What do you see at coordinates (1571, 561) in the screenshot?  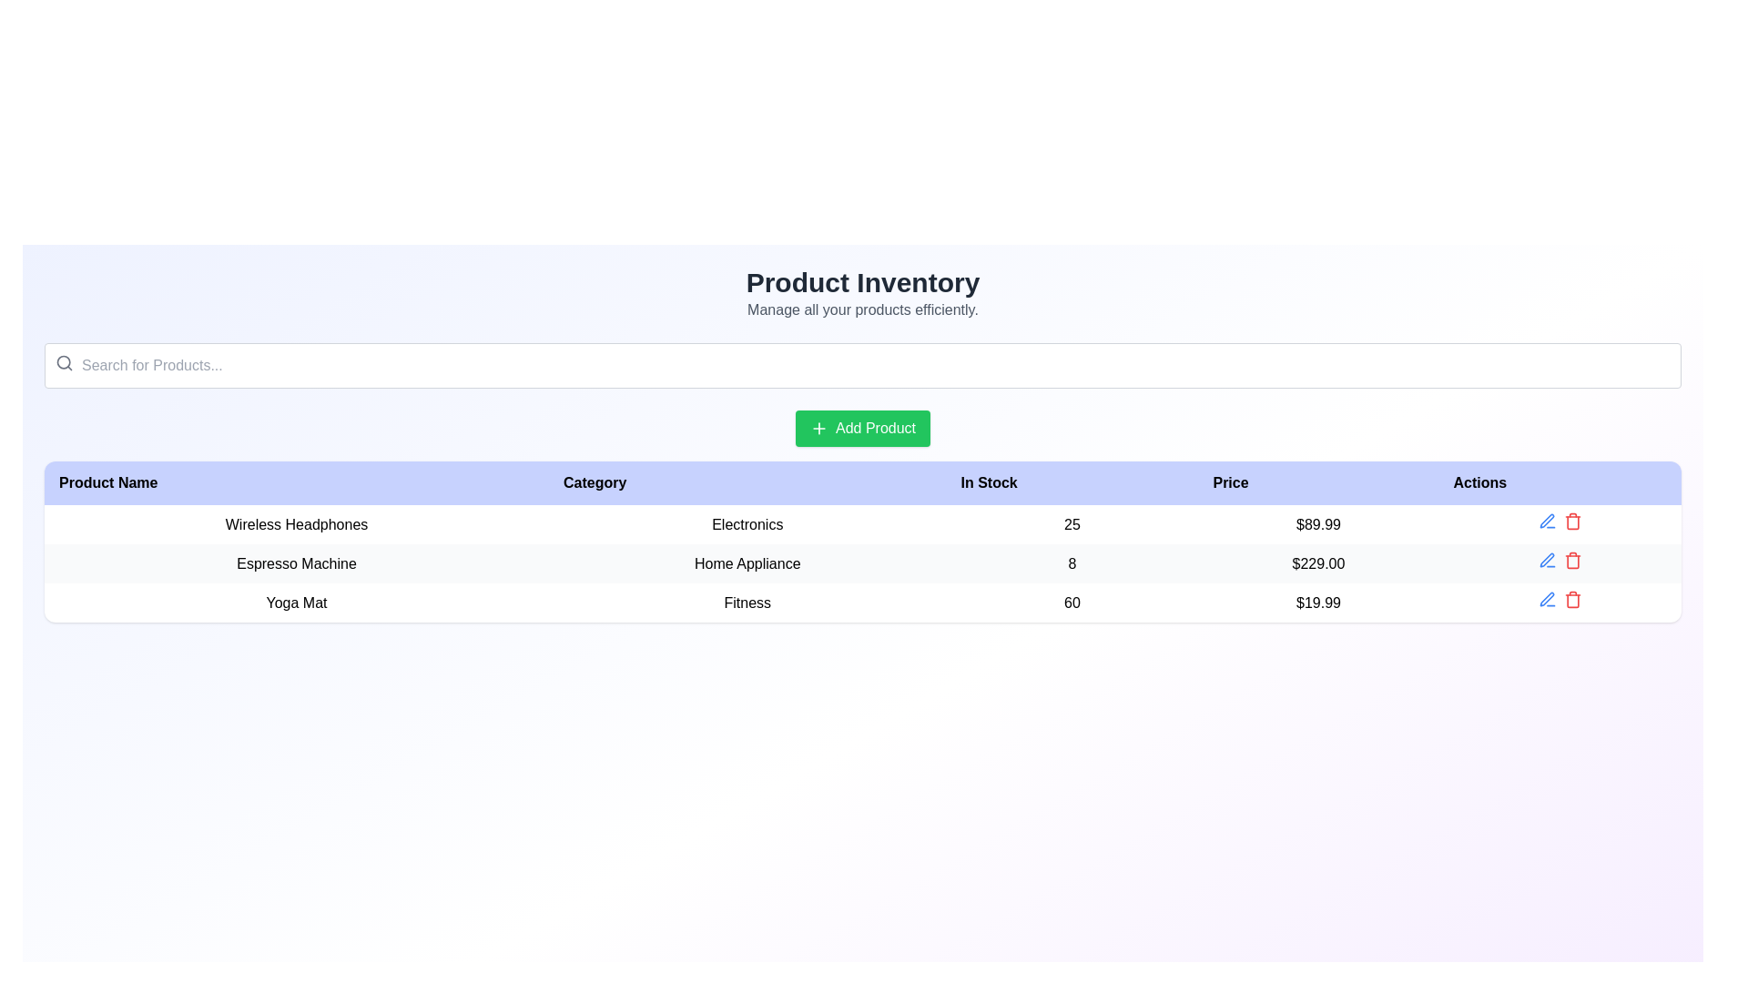 I see `the delete icon in the Actions column of the table corresponding to the Espresso Machine product entry to initiate deletion` at bounding box center [1571, 561].